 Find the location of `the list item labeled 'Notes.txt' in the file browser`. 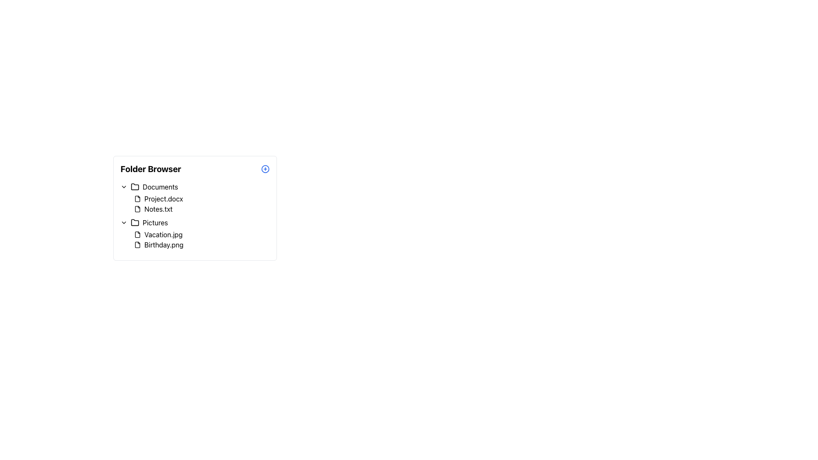

the list item labeled 'Notes.txt' in the file browser is located at coordinates (200, 209).